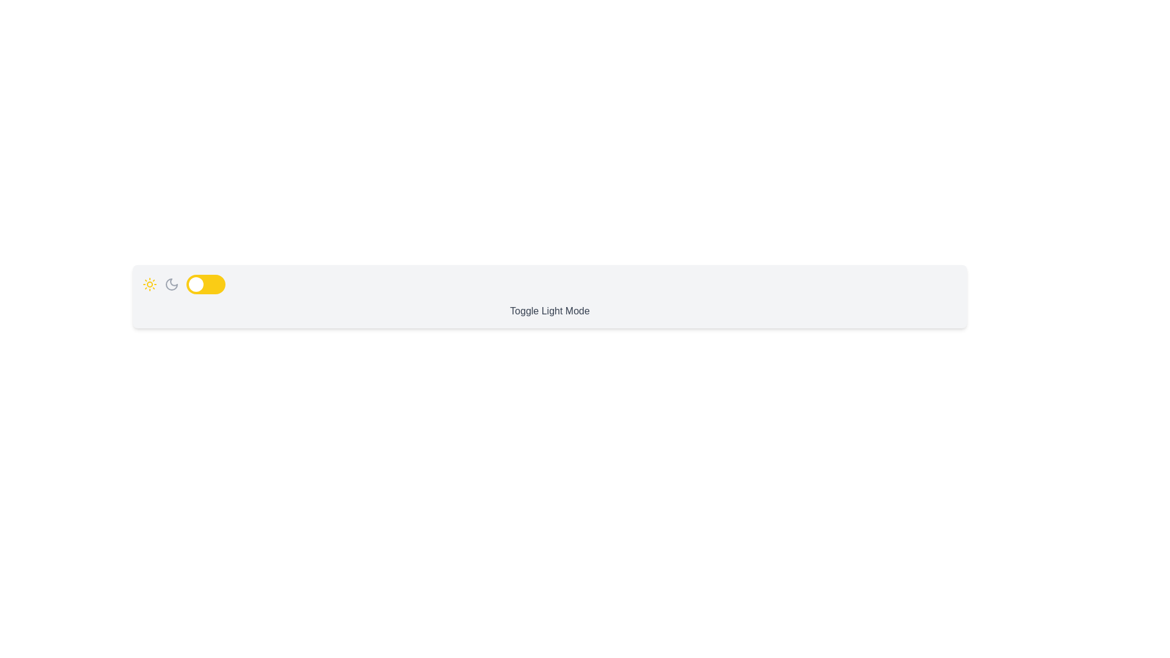  What do you see at coordinates (205, 284) in the screenshot?
I see `the toggle switch located to the right of the sun and moon icons` at bounding box center [205, 284].